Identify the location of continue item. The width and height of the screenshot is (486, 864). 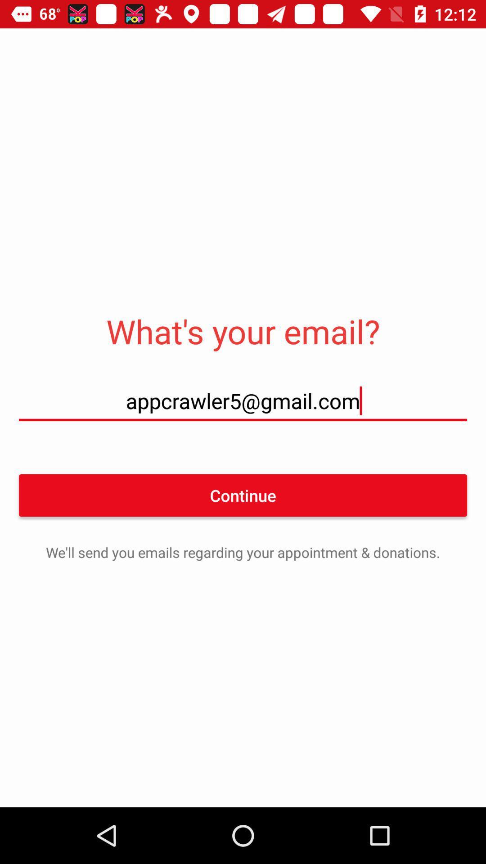
(243, 495).